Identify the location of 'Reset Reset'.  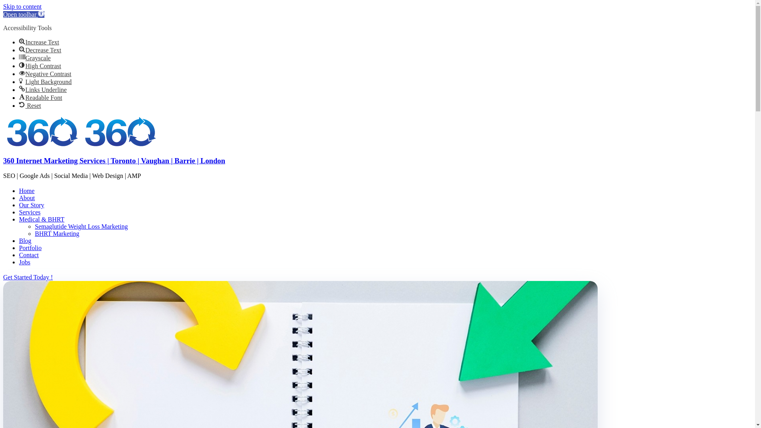
(19, 105).